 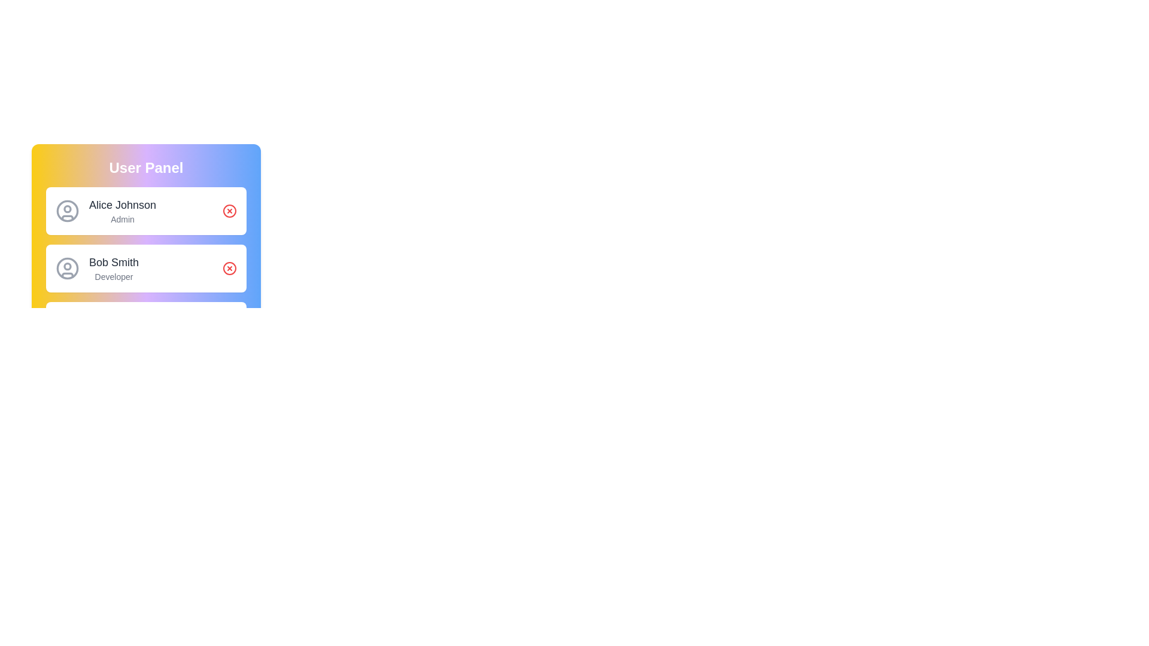 What do you see at coordinates (123, 219) in the screenshot?
I see `role information from the text label indicating 'Admin' associated with the profile 'Alice Johnson', which is located beneath the 'Alice Johnson' label in the 'User Panel'` at bounding box center [123, 219].